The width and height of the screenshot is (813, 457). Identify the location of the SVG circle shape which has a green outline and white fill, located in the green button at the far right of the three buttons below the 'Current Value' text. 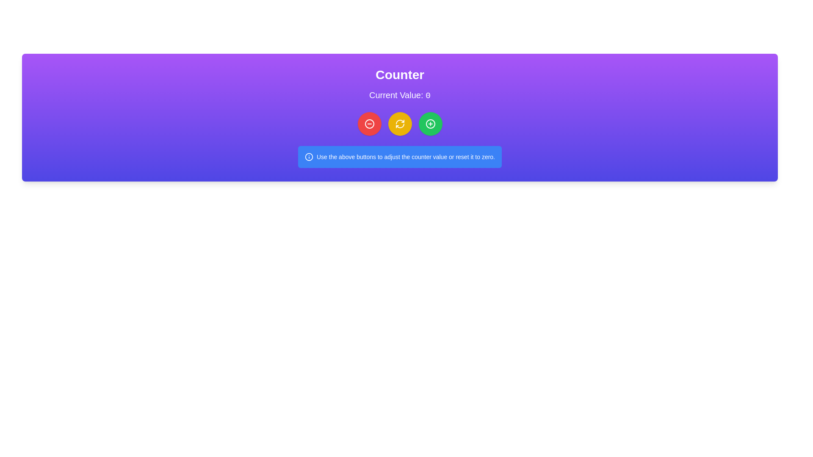
(430, 124).